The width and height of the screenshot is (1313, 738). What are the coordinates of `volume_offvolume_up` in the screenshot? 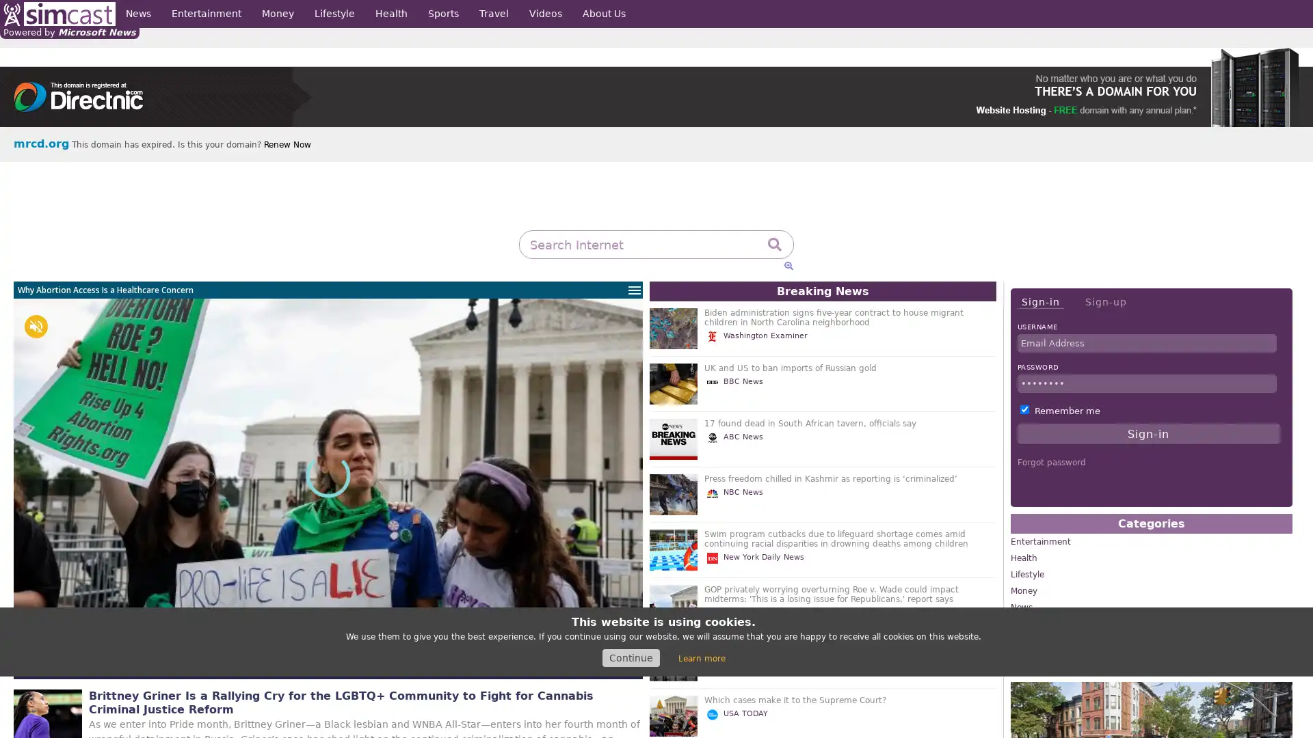 It's located at (36, 327).